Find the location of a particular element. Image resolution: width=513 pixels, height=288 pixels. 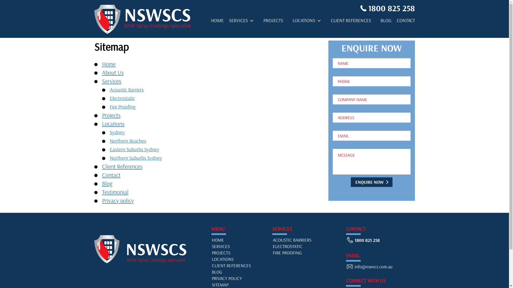

'Home' is located at coordinates (108, 63).